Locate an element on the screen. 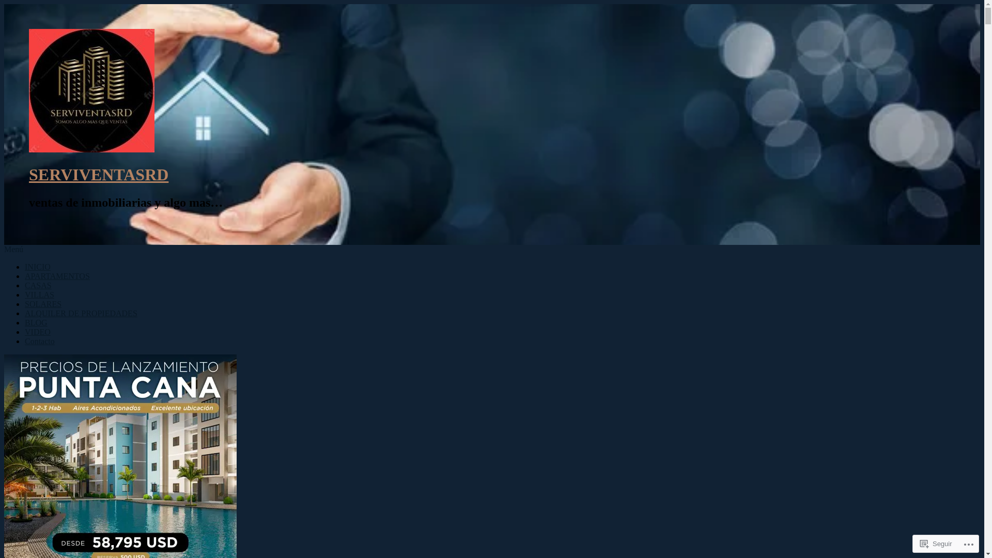 The width and height of the screenshot is (992, 558). 'VILLAS' is located at coordinates (39, 295).